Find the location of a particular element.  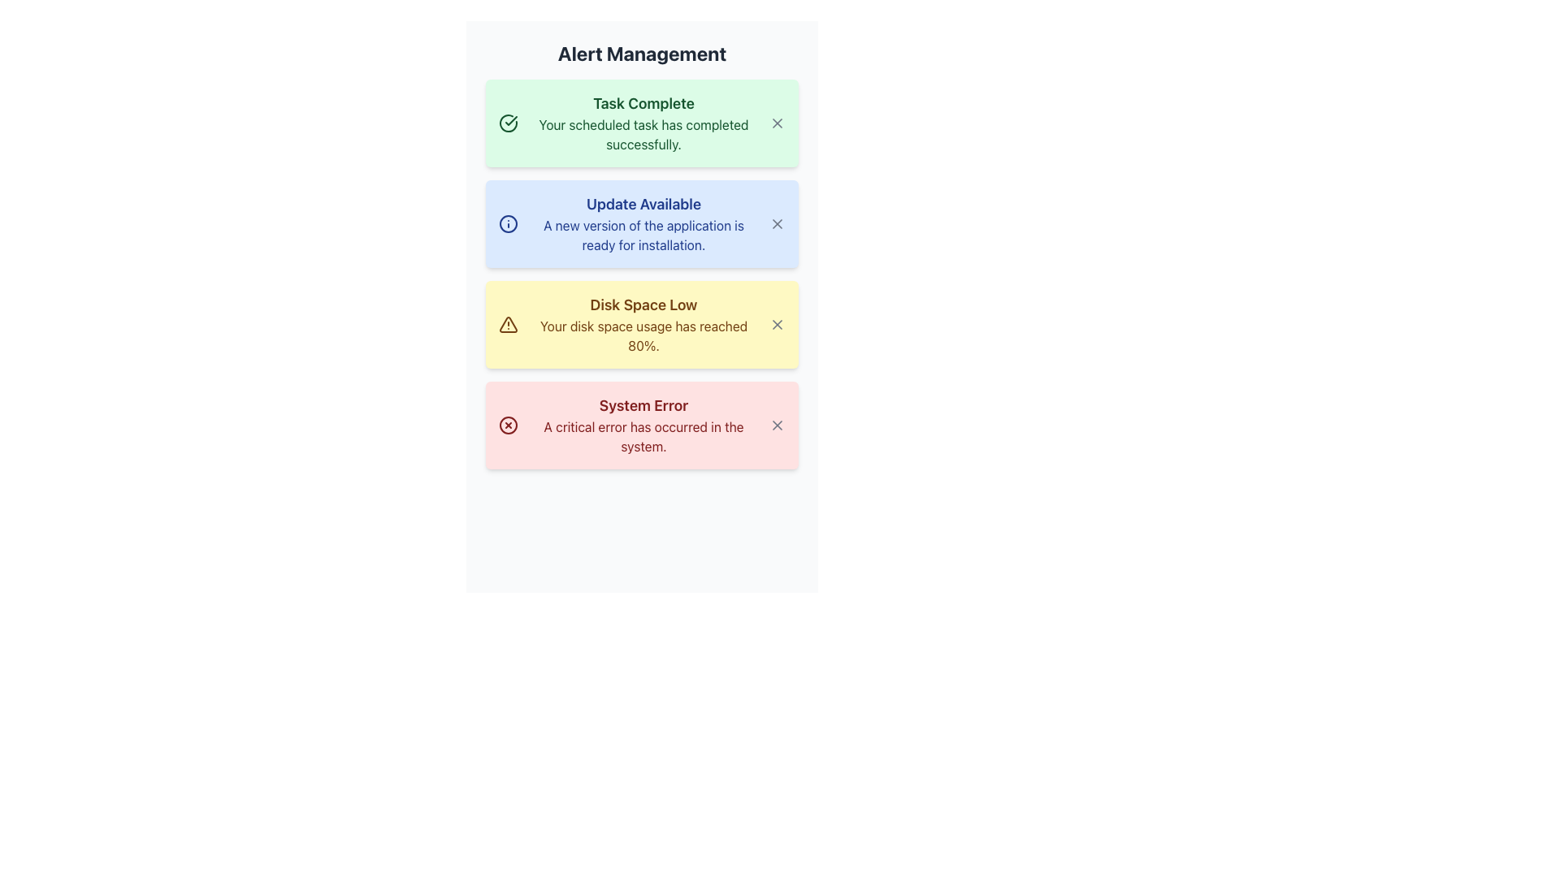

the dismiss button located at the top-right corner of the yellow alert box labeled 'Disk Space Low' is located at coordinates (776, 325).